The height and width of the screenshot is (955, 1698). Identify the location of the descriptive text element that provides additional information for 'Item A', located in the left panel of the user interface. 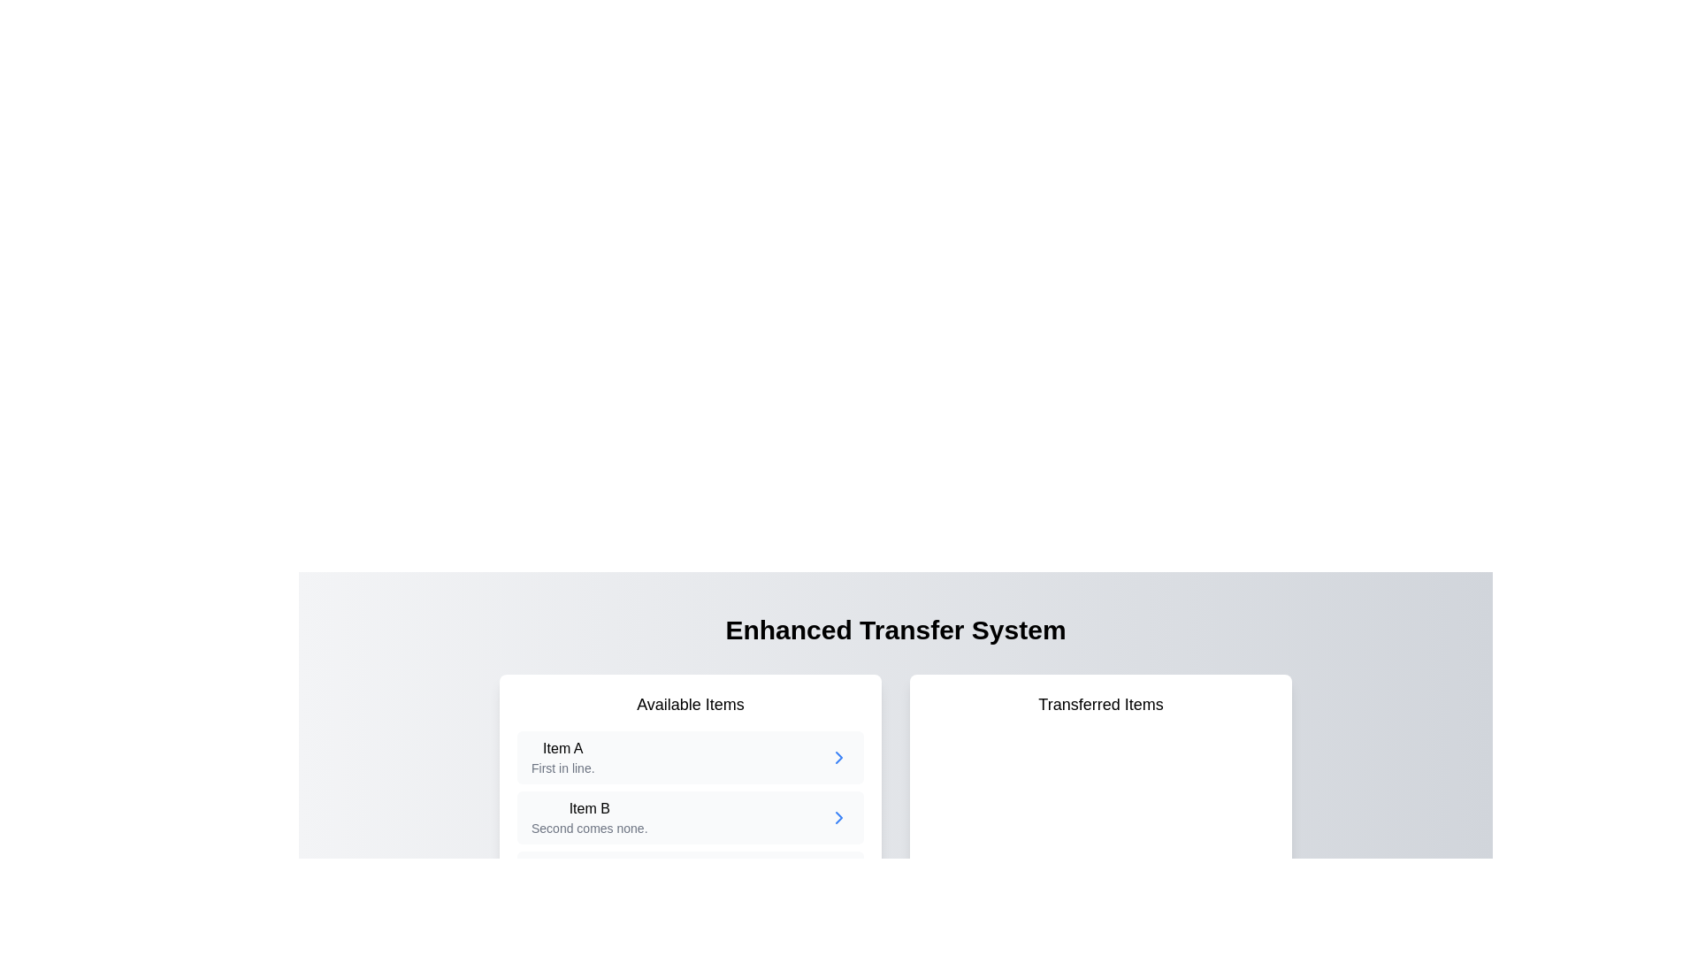
(562, 767).